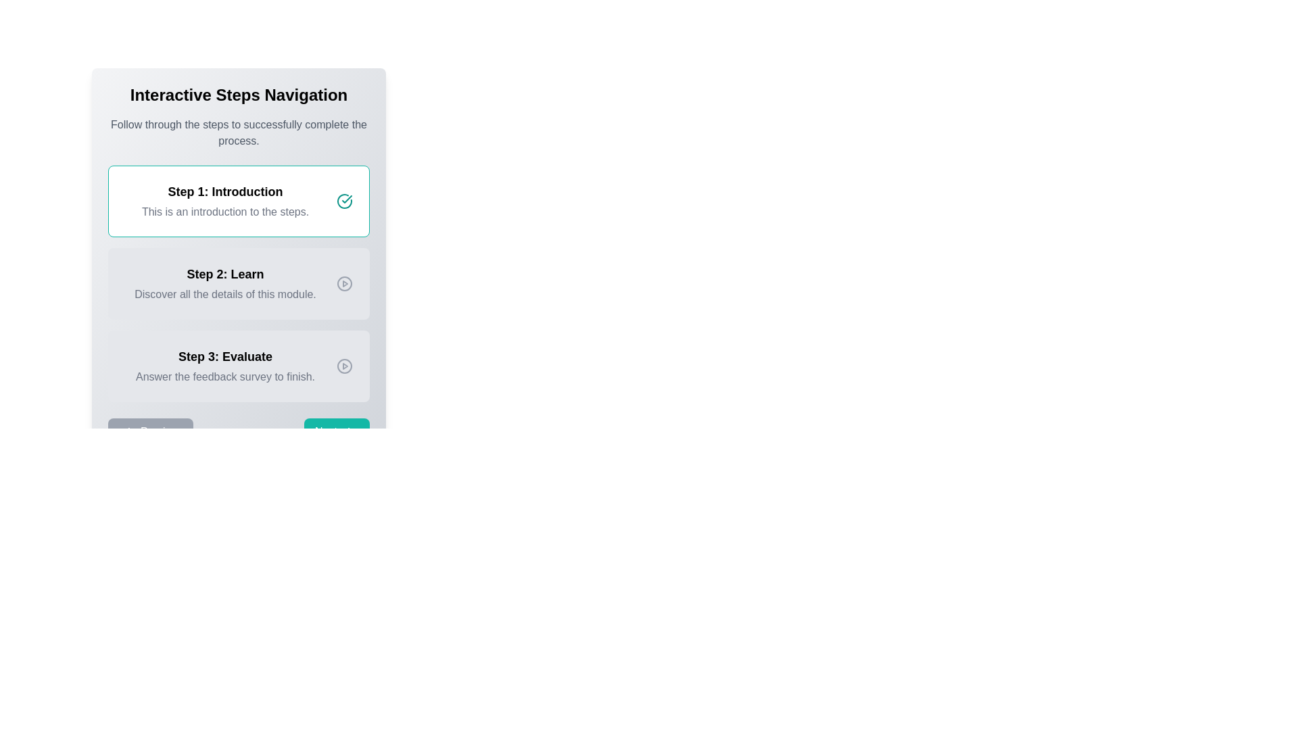 The image size is (1298, 730). Describe the element at coordinates (344, 283) in the screenshot. I see `the circular graphical element (SVG) with a light gray border, located in the lower section of the second step of the step navigation interface, next to the 'Step 2: Learn' label` at that location.